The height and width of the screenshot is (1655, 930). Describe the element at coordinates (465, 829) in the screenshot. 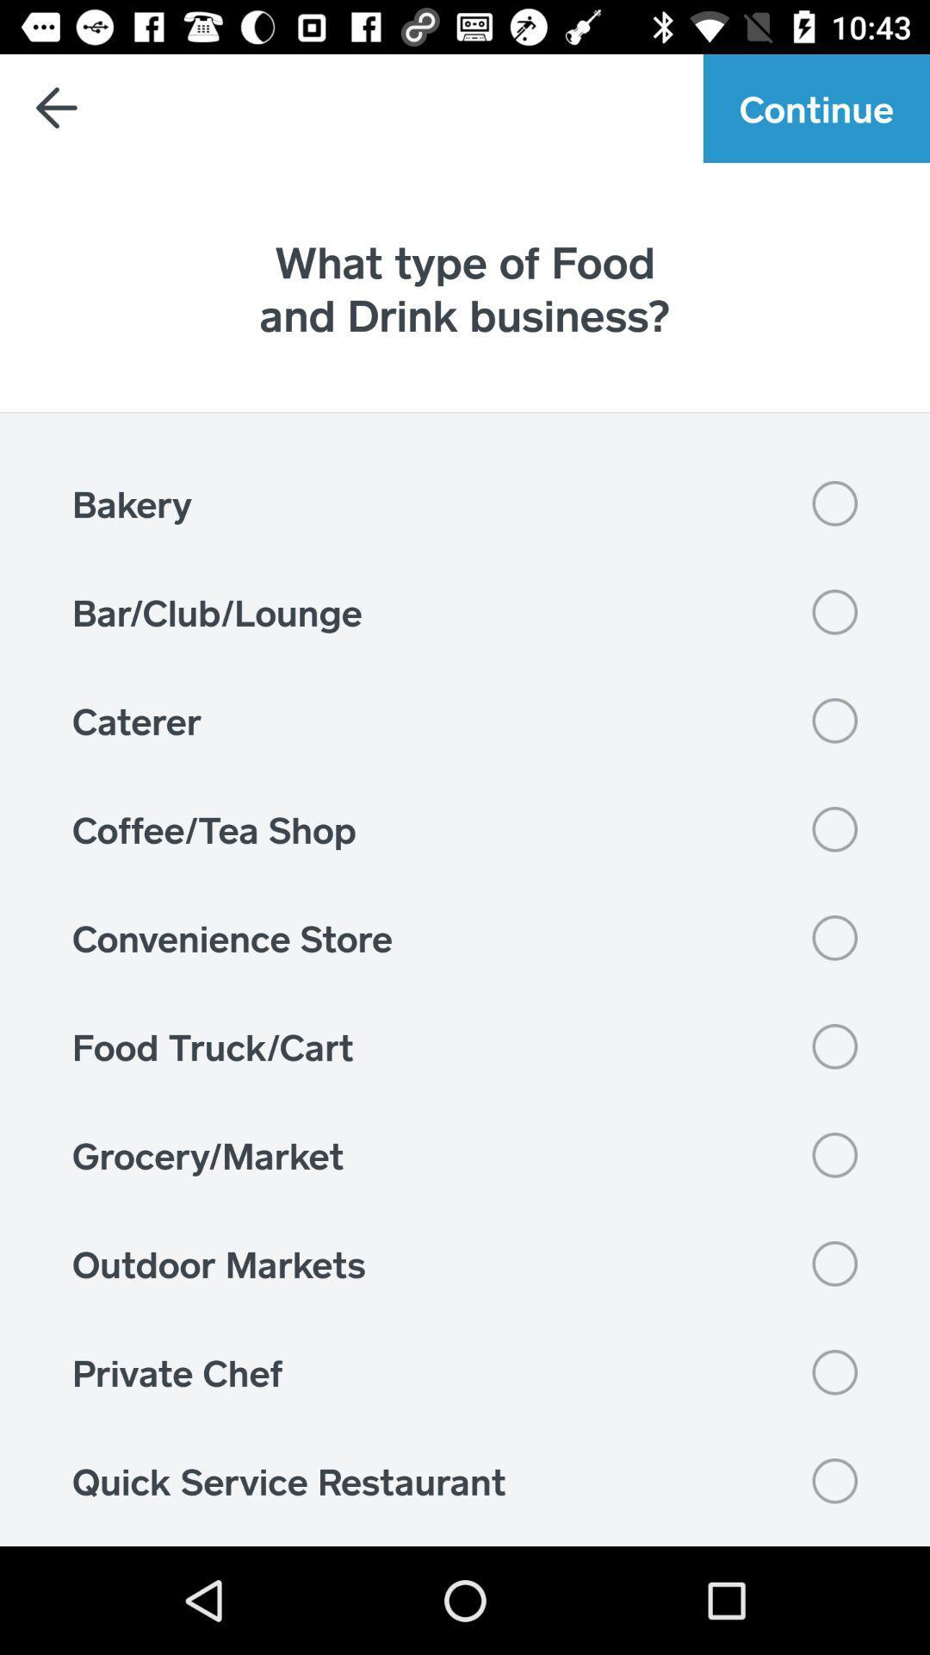

I see `the icon above the convenience store item` at that location.